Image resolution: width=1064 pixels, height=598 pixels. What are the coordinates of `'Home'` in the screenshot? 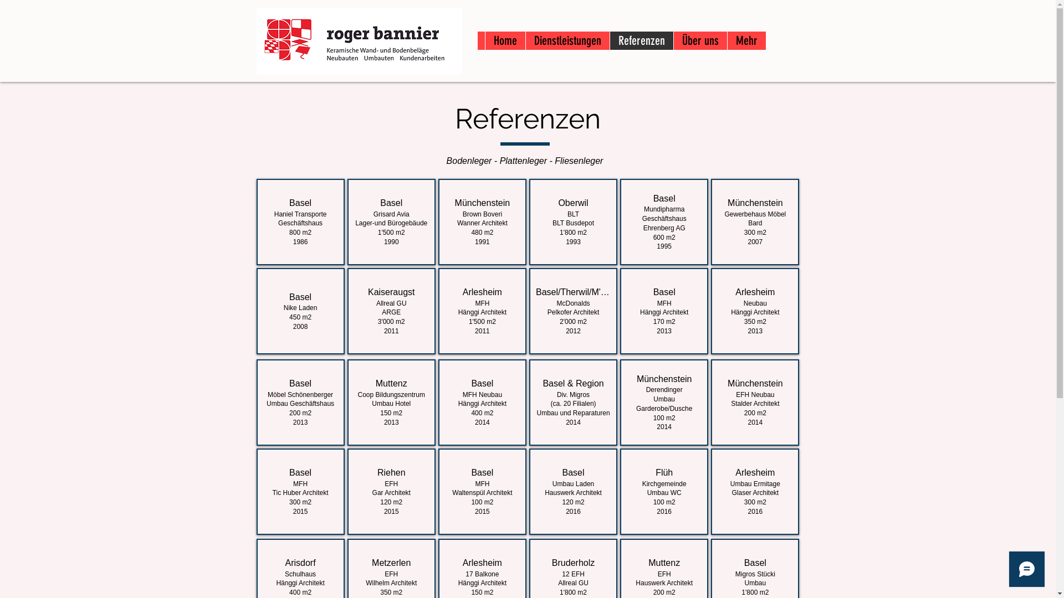 It's located at (504, 40).